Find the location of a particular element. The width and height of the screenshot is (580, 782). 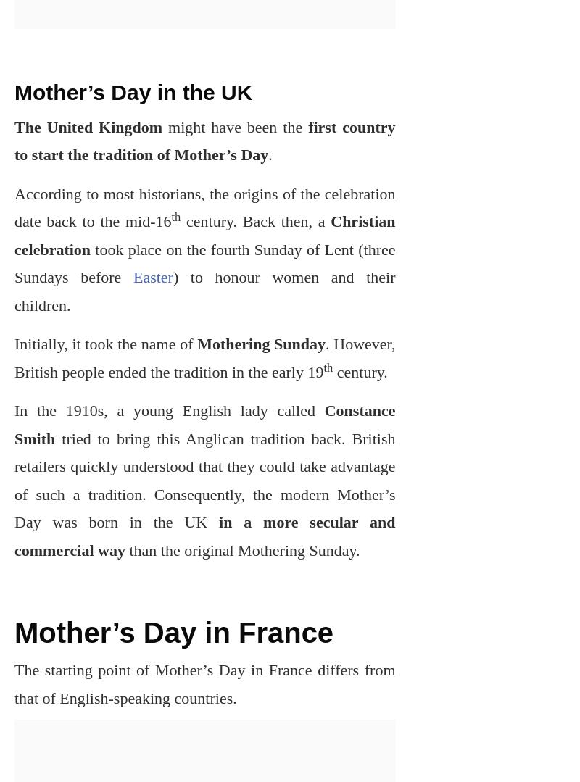

'tried to bring this Anglican tradition back. British retailers quickly understood that they could take advantage of such a tradition. Consequently, the modern Mother’s Day was born in the UK' is located at coordinates (14, 479).